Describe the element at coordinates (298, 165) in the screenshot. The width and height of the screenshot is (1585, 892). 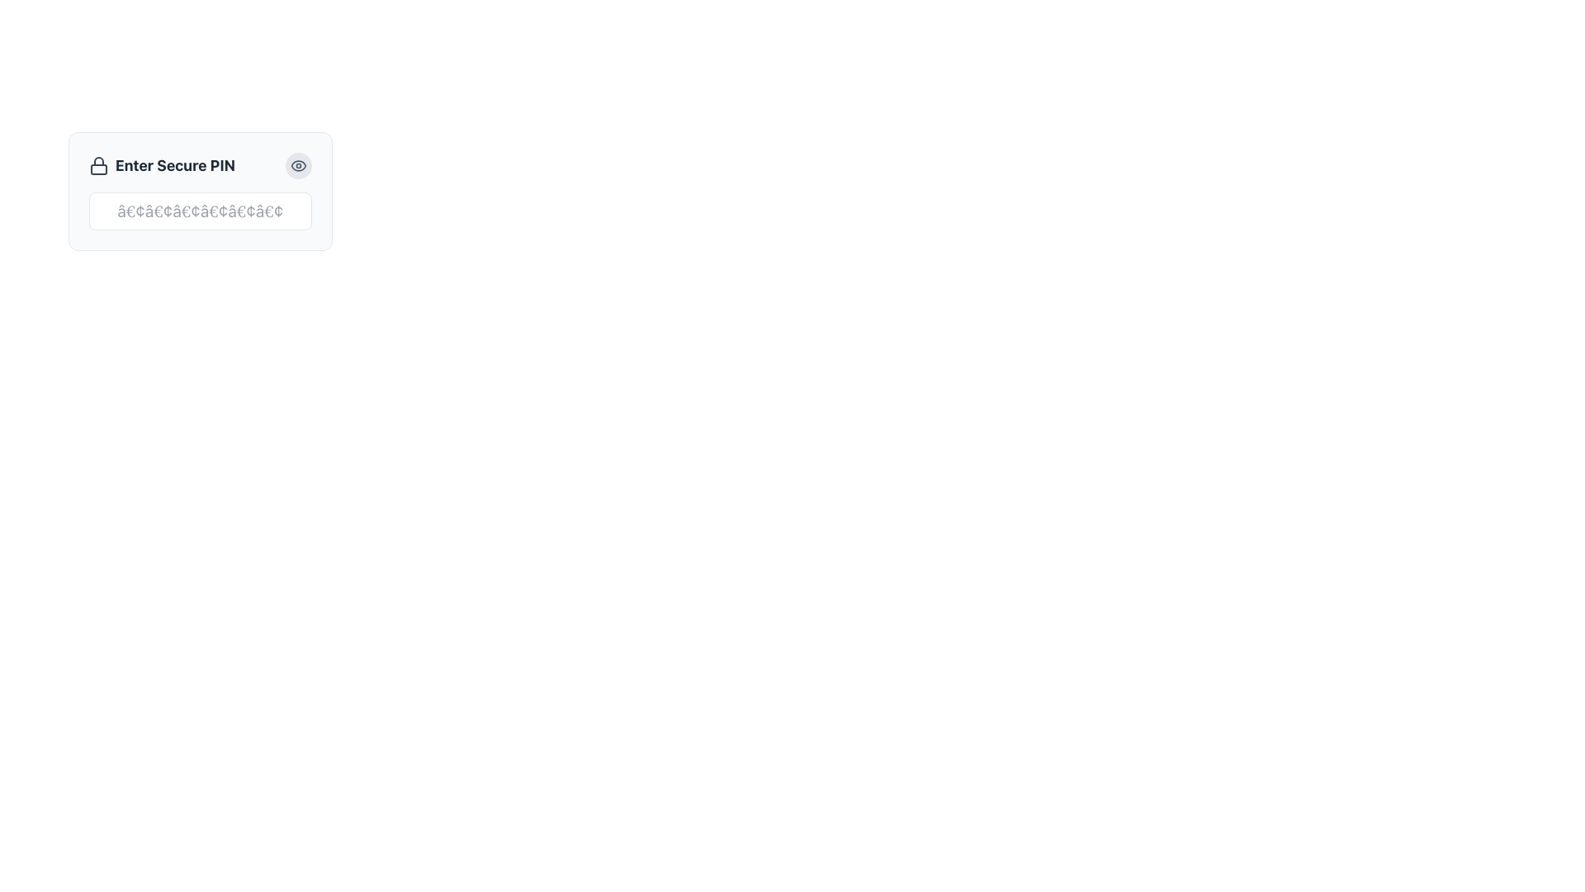
I see `the circular light gray button with a dark gray eye icon` at that location.